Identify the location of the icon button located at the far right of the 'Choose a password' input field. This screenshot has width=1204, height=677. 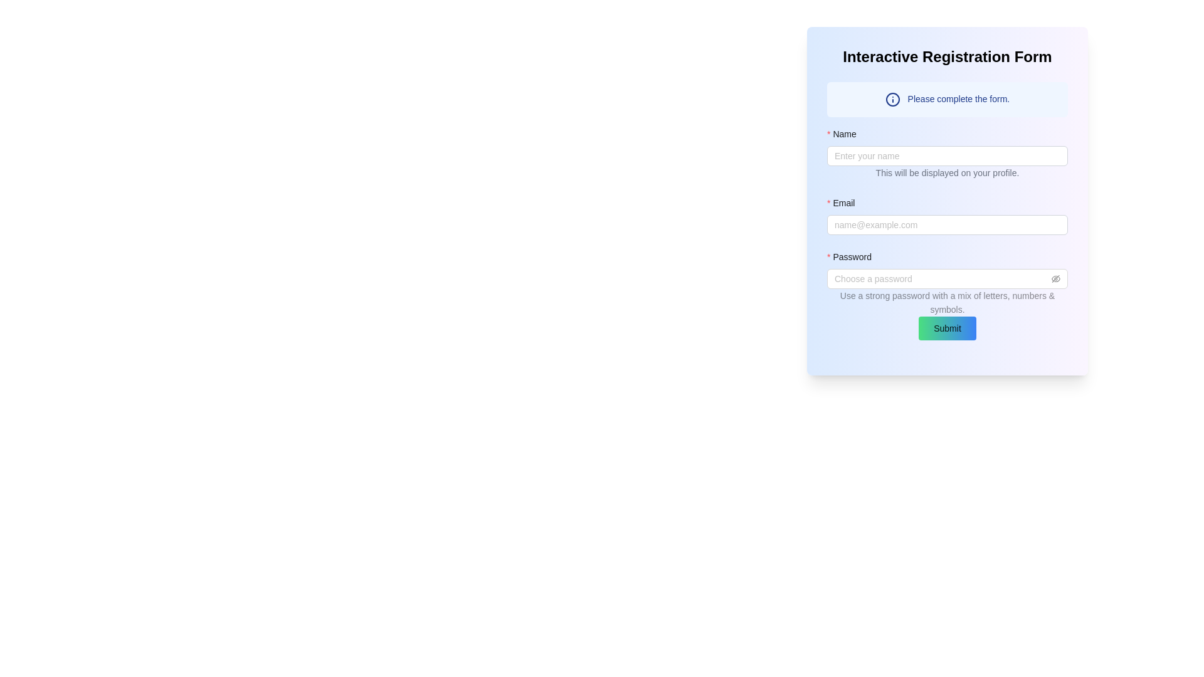
(1055, 278).